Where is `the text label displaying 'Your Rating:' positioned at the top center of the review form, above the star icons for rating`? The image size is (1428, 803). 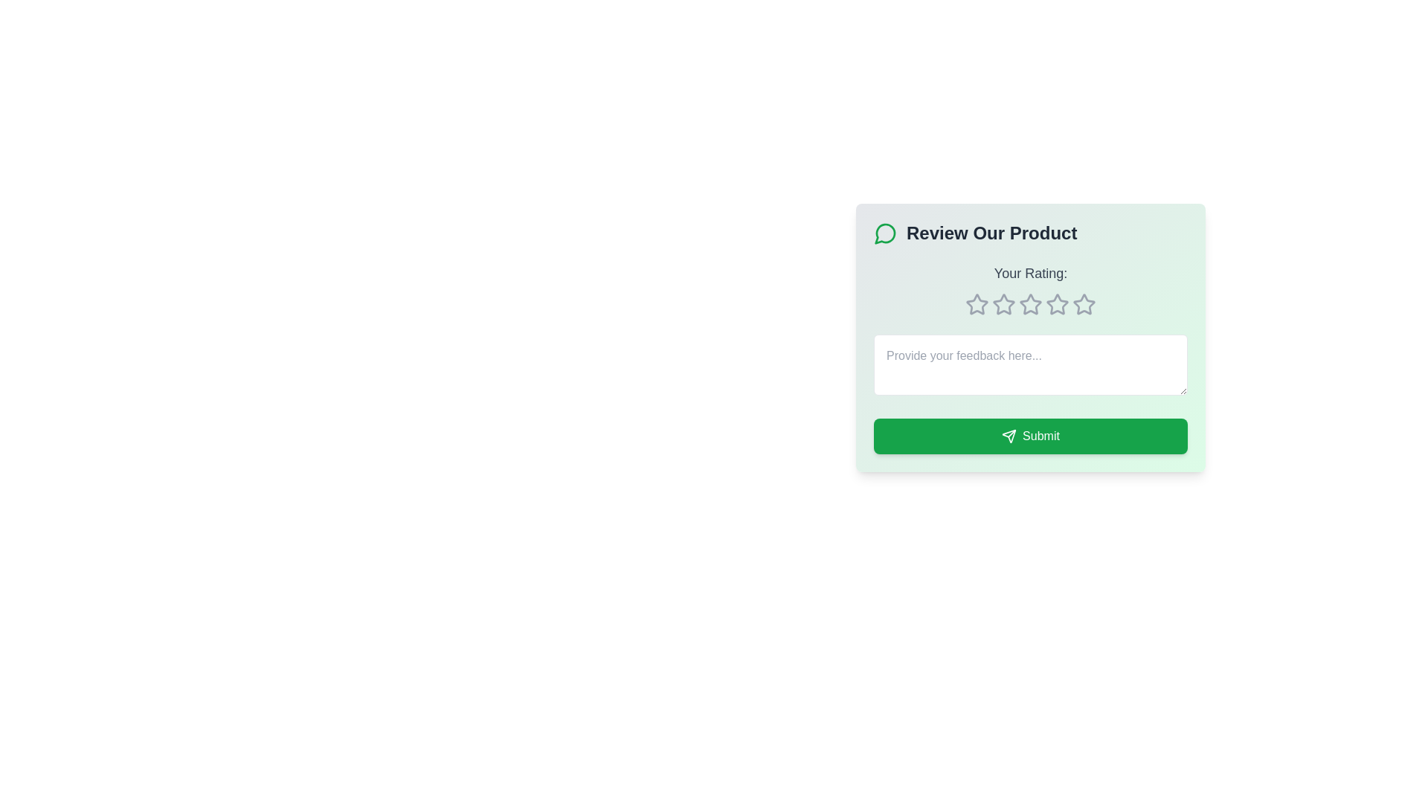 the text label displaying 'Your Rating:' positioned at the top center of the review form, above the star icons for rating is located at coordinates (1030, 273).